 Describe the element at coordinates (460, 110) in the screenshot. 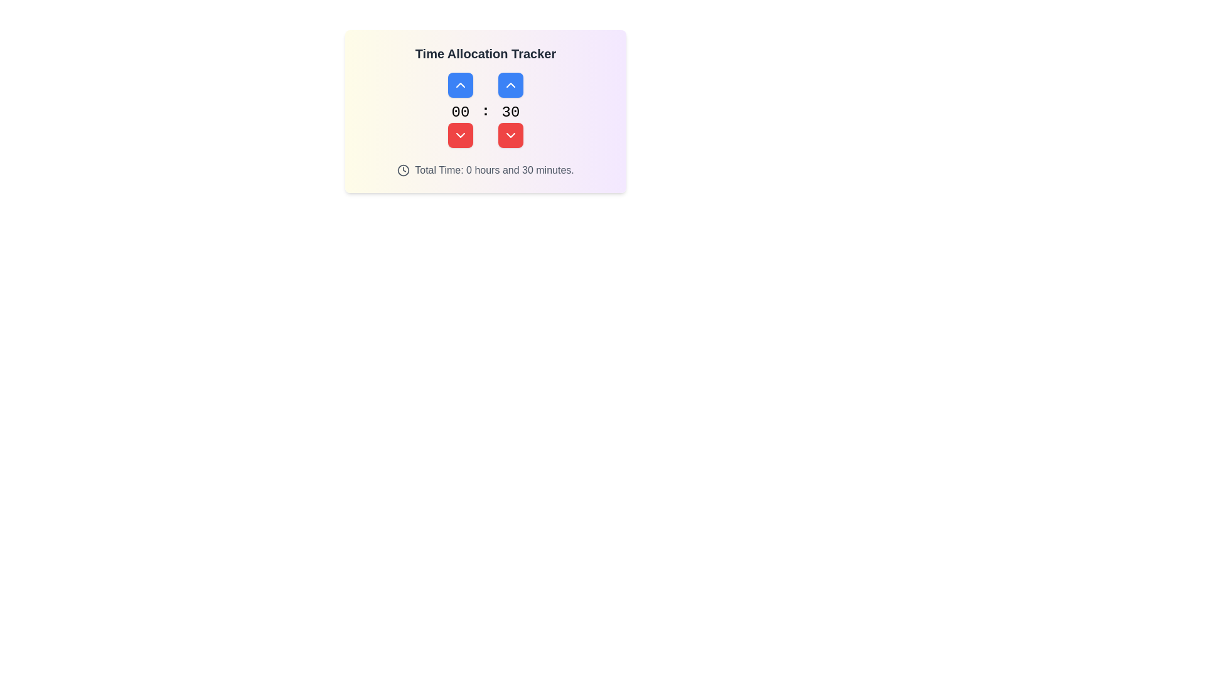

I see `the Numeric Display that shows the current hour value in the time selection interface, located on the left side of the two-column layout` at that location.